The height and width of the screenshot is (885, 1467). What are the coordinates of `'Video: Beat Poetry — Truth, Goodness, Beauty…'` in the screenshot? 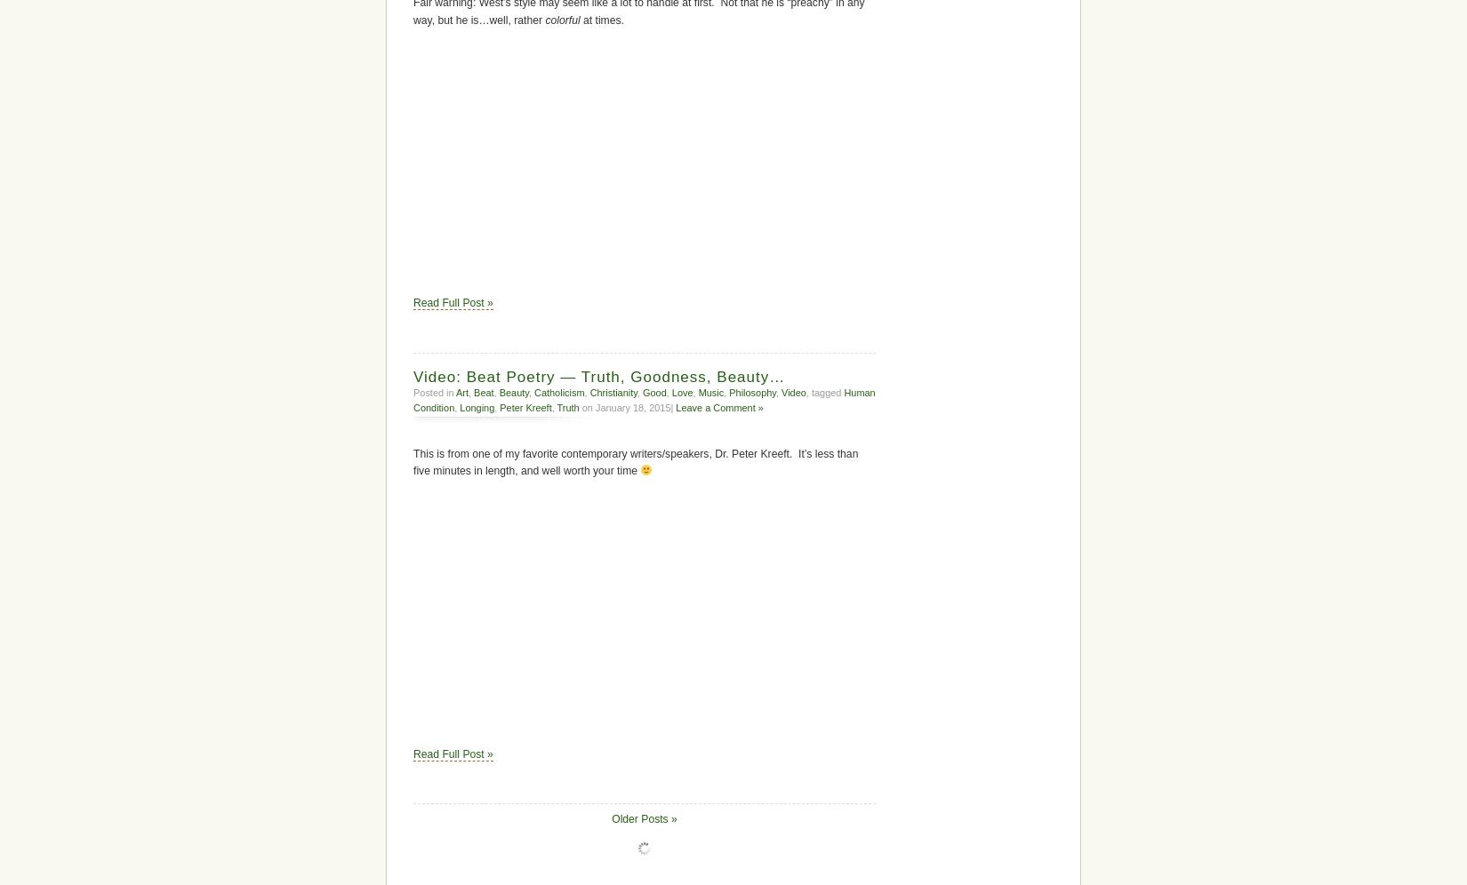 It's located at (598, 376).